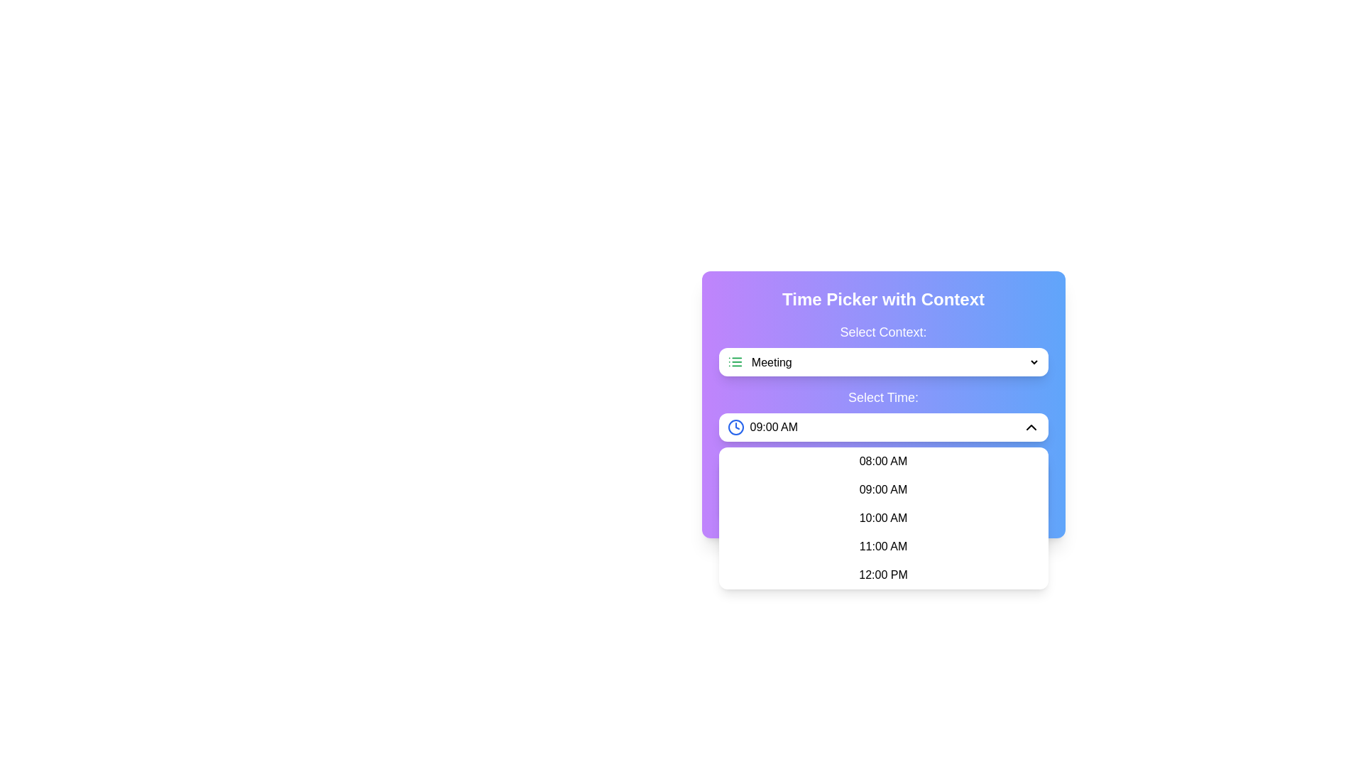 This screenshot has width=1363, height=767. What do you see at coordinates (882, 426) in the screenshot?
I see `the '09:00 AM' dropdown menu` at bounding box center [882, 426].